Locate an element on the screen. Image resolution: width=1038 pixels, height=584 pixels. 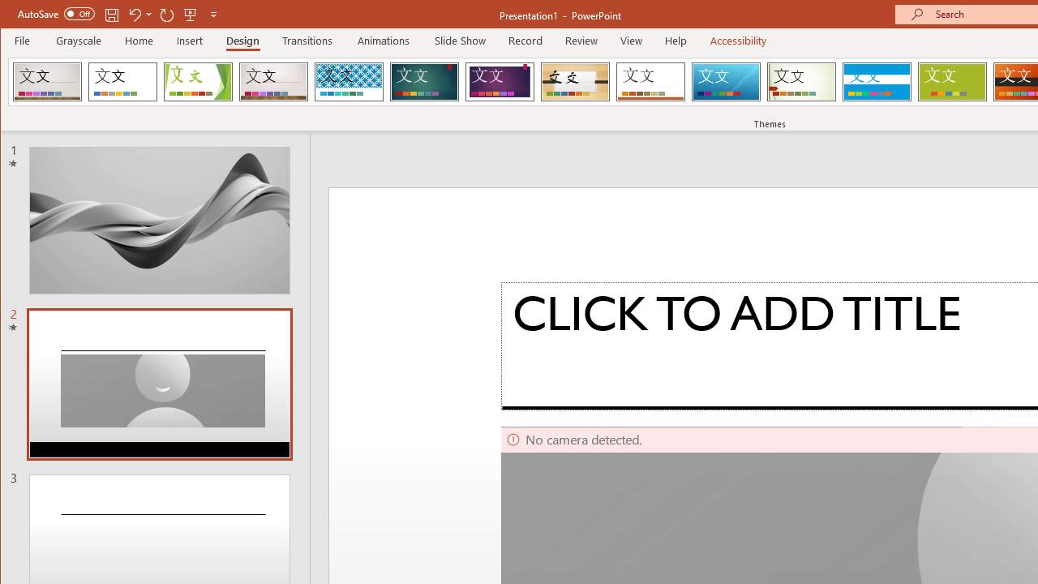
'Slice' is located at coordinates (725, 81).